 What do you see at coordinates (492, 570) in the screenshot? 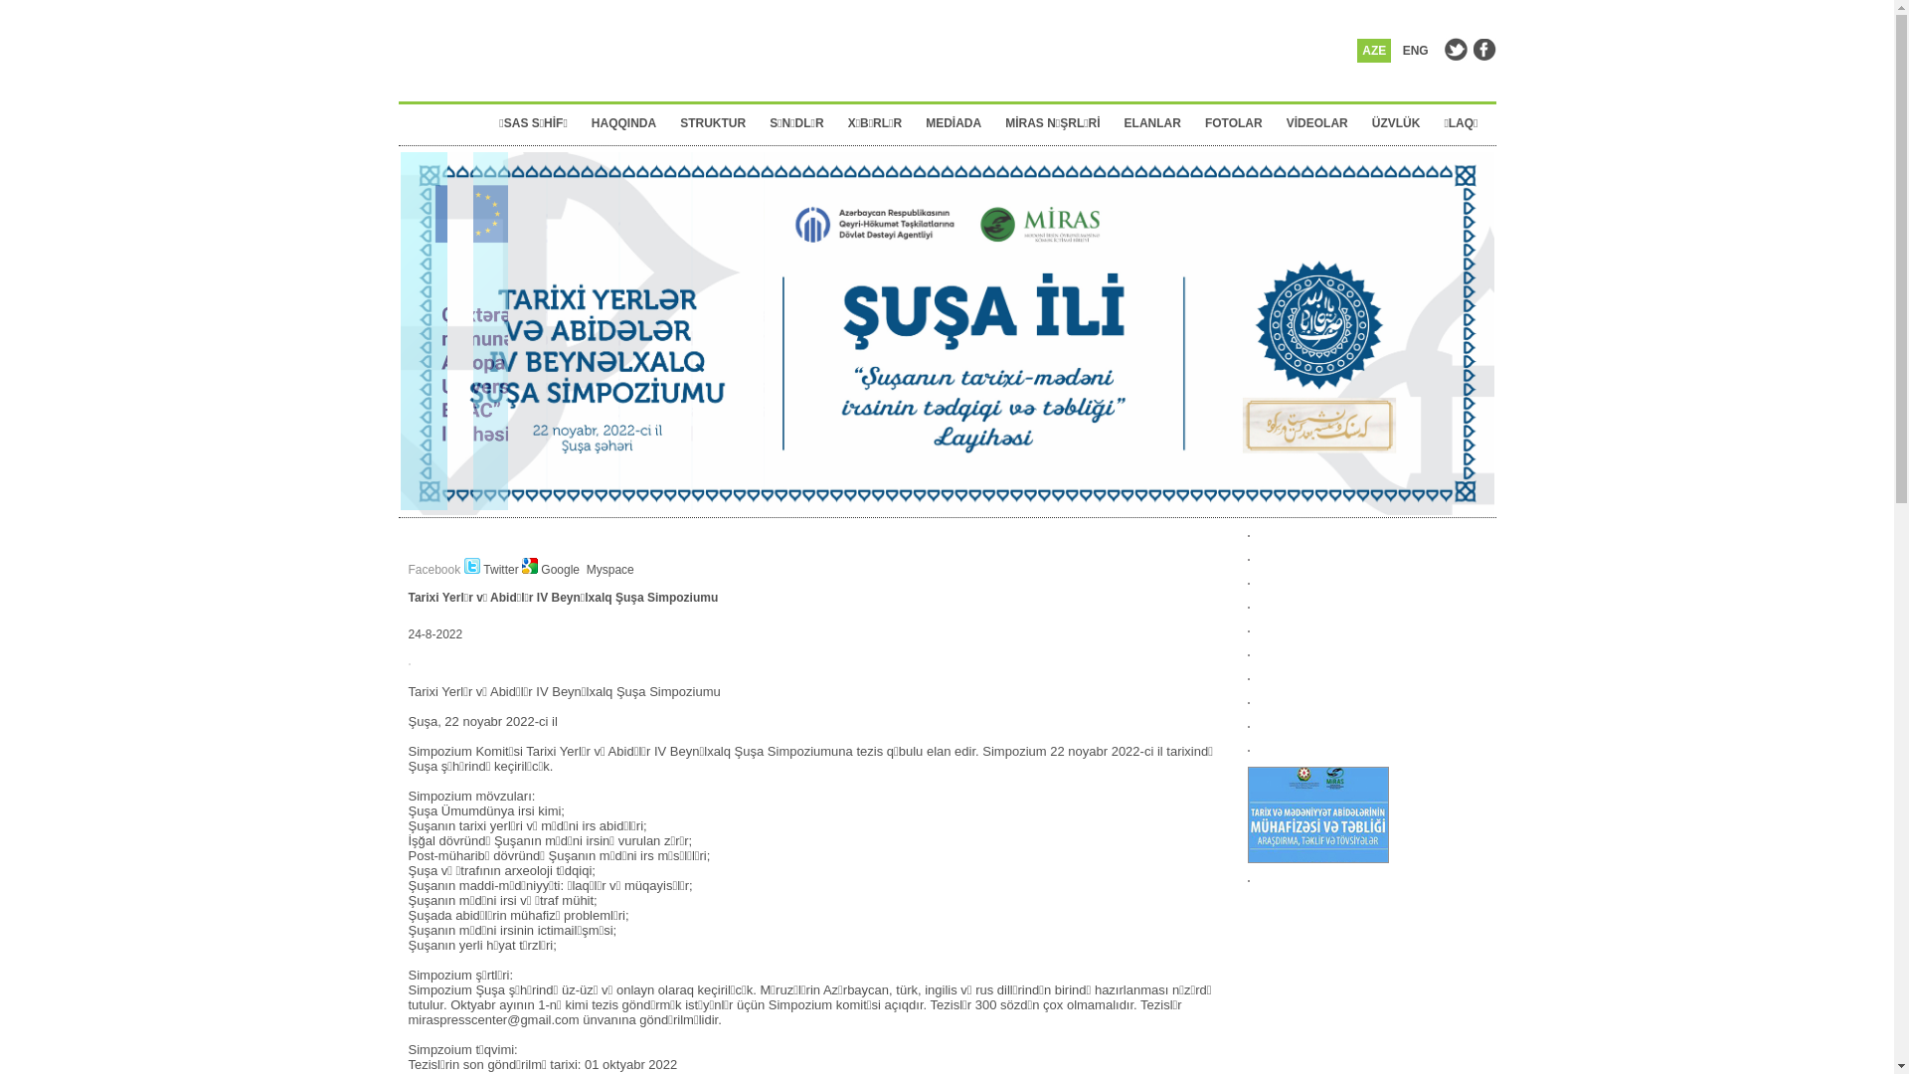
I see `'Twitter'` at bounding box center [492, 570].